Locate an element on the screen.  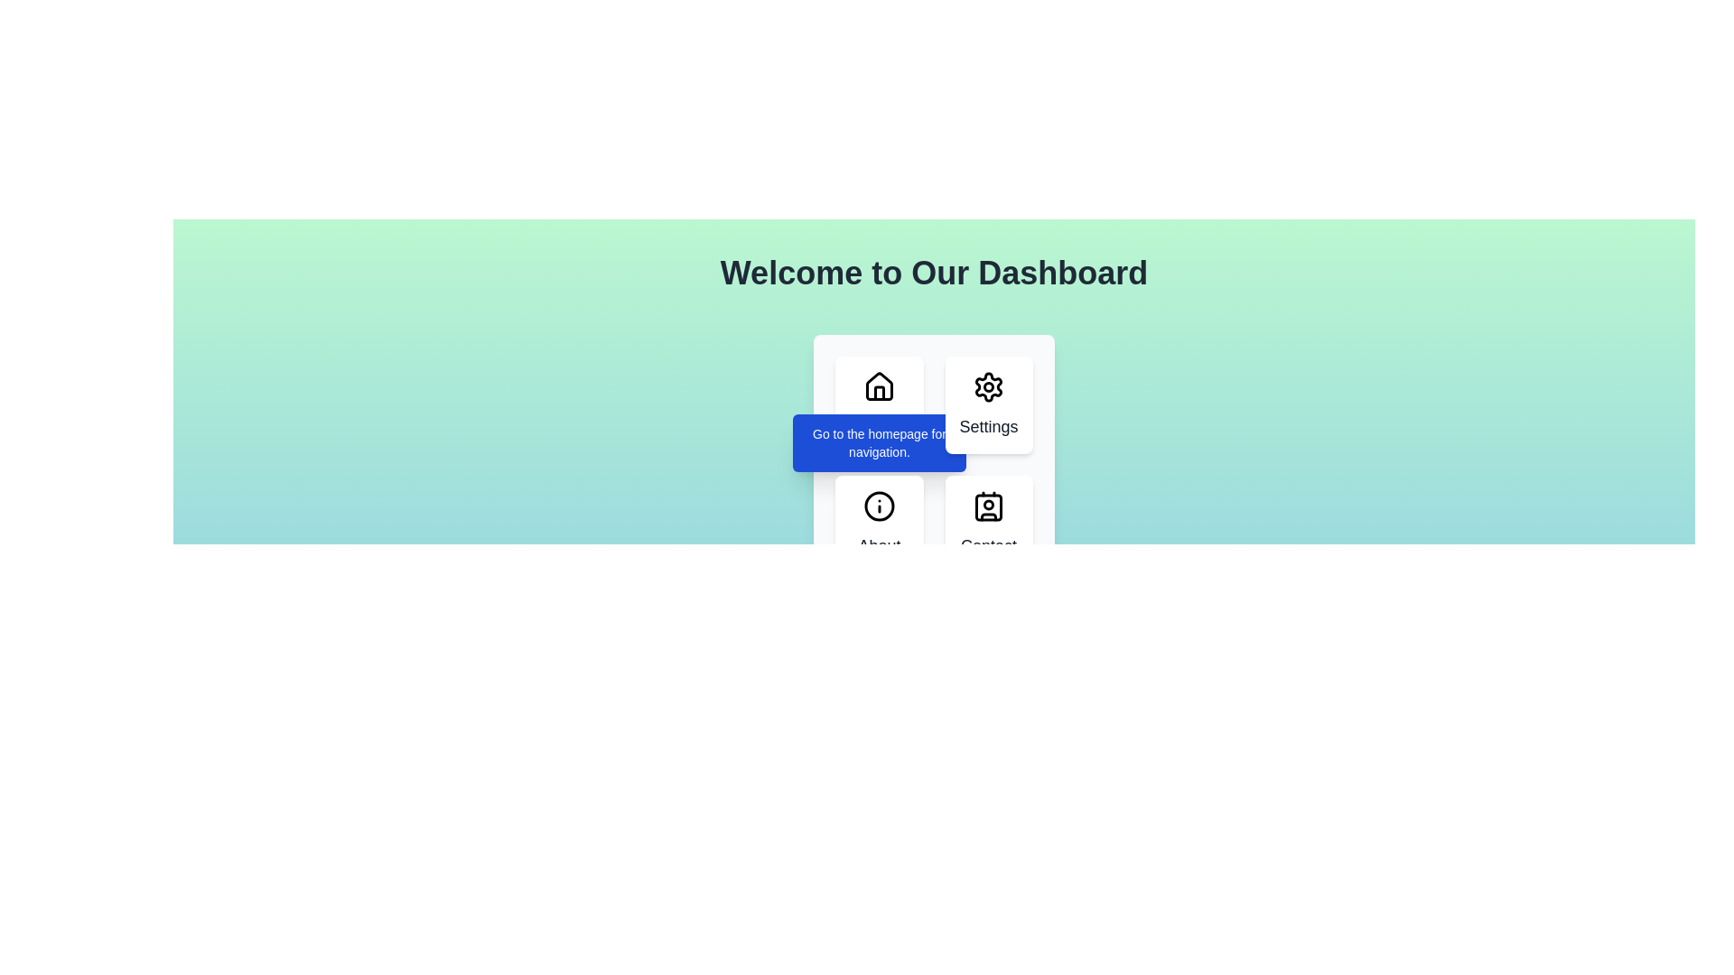
the black contact or profile card icon located in the bottom-right of the navigation grid under the 'Welcome to Our Dashboard' header is located at coordinates (987, 506).